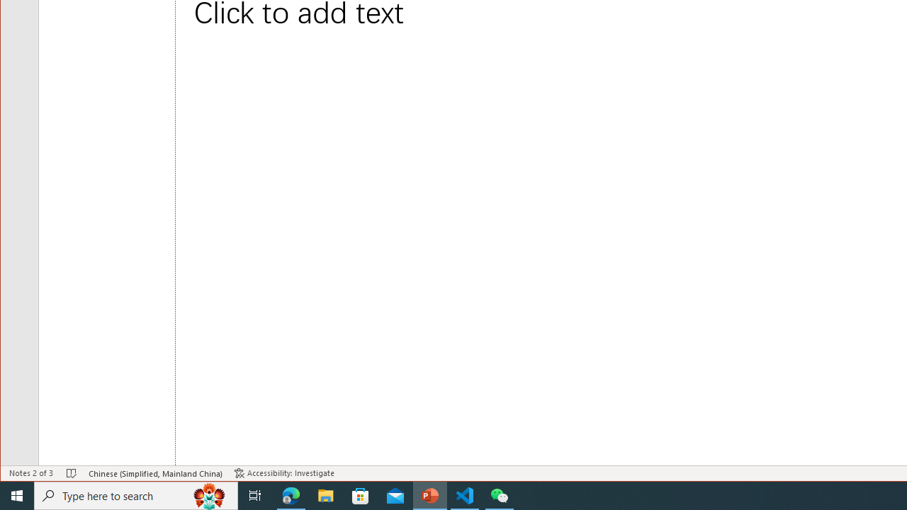 Image resolution: width=907 pixels, height=510 pixels. I want to click on 'Search highlights icon opens search home window', so click(208, 494).